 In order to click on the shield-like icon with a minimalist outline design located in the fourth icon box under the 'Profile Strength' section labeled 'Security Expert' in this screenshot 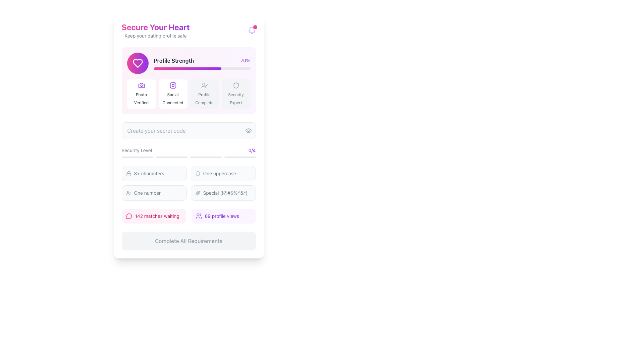, I will do `click(236, 85)`.